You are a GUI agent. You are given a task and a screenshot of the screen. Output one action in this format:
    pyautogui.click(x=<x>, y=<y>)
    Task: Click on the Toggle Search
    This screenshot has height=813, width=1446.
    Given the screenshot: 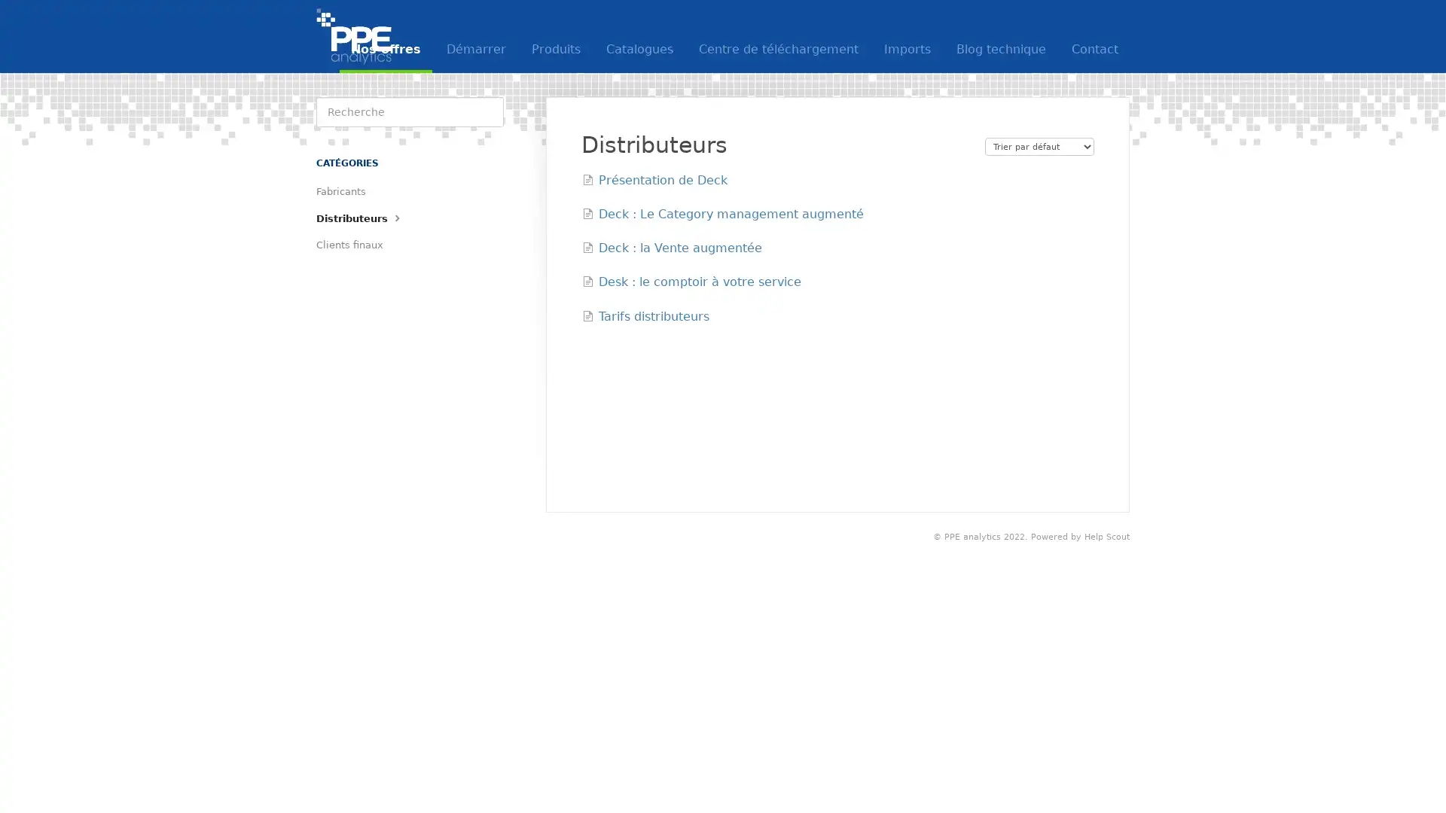 What is the action you would take?
    pyautogui.click(x=488, y=111)
    